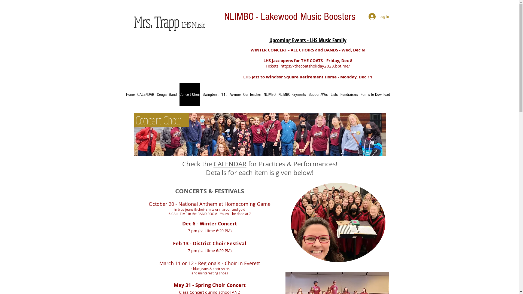 The height and width of the screenshot is (294, 523). What do you see at coordinates (210, 94) in the screenshot?
I see `'Swingbeat'` at bounding box center [210, 94].